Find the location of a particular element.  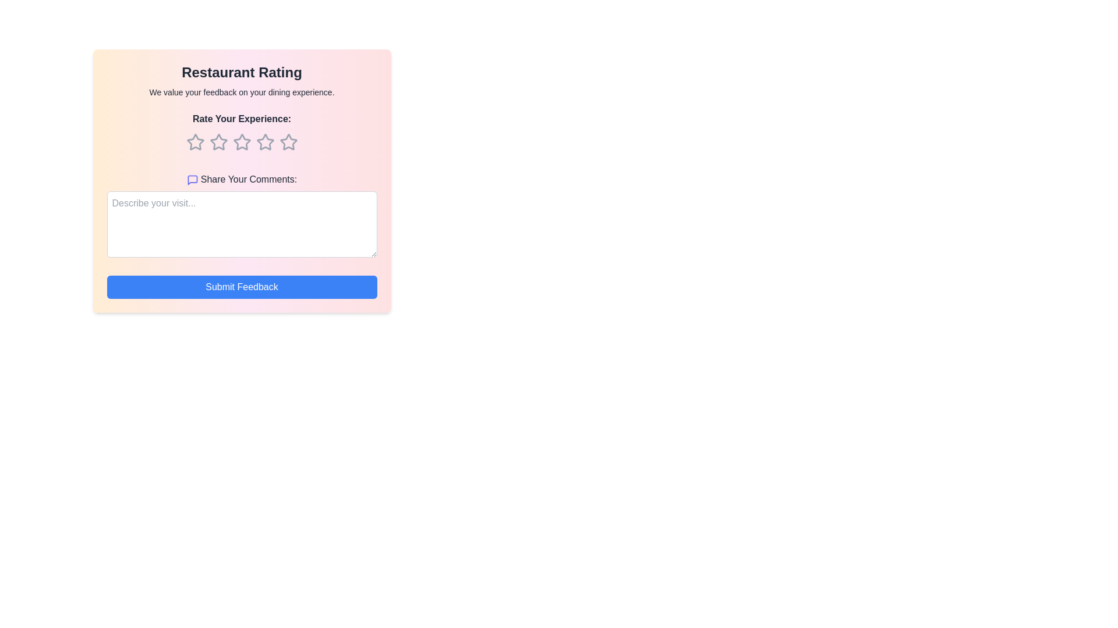

the Textual header section that displays 'Restaurant Rating' and its subtitle 'We value your feedback on your dining experience.' is located at coordinates (241, 80).